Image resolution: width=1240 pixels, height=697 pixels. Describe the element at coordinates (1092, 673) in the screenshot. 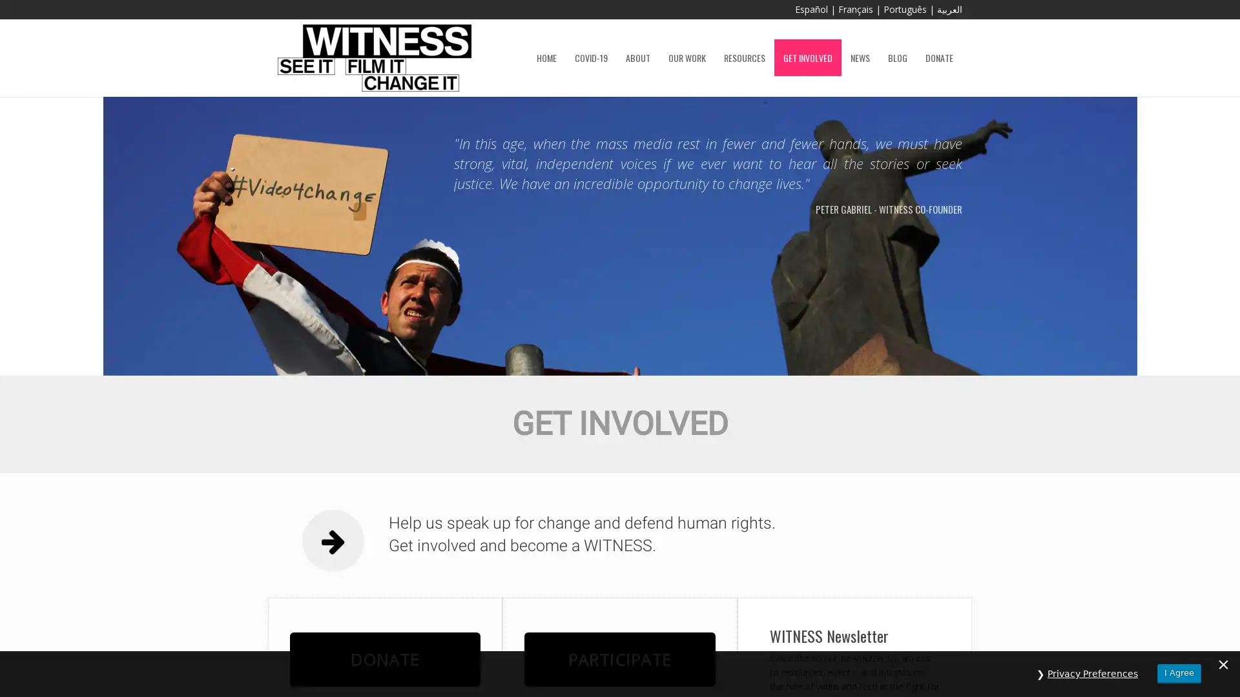

I see `Privacy Preferences` at that location.